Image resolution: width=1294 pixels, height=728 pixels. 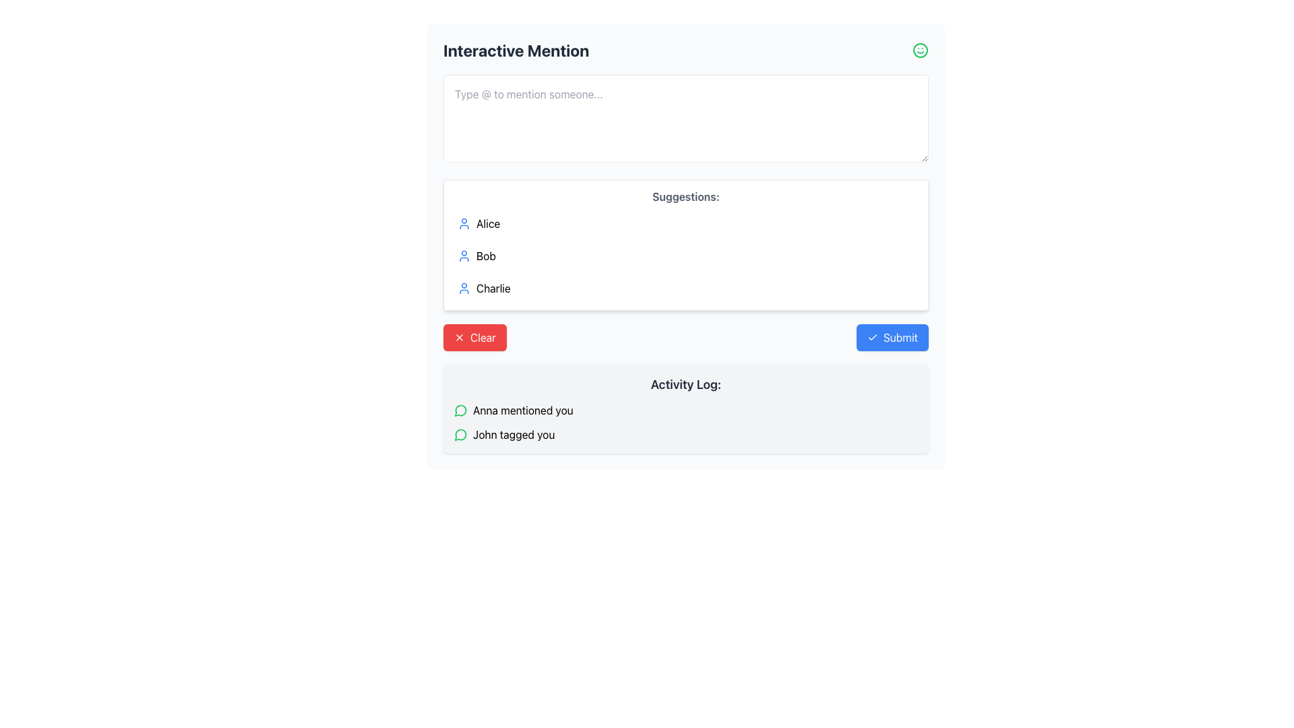 I want to click on the user profile icon, which is outlined in blue and positioned to the left of the label 'Charlie' in the 'Suggestions' section of the 'Interactive Mention' interface, so click(x=464, y=288).